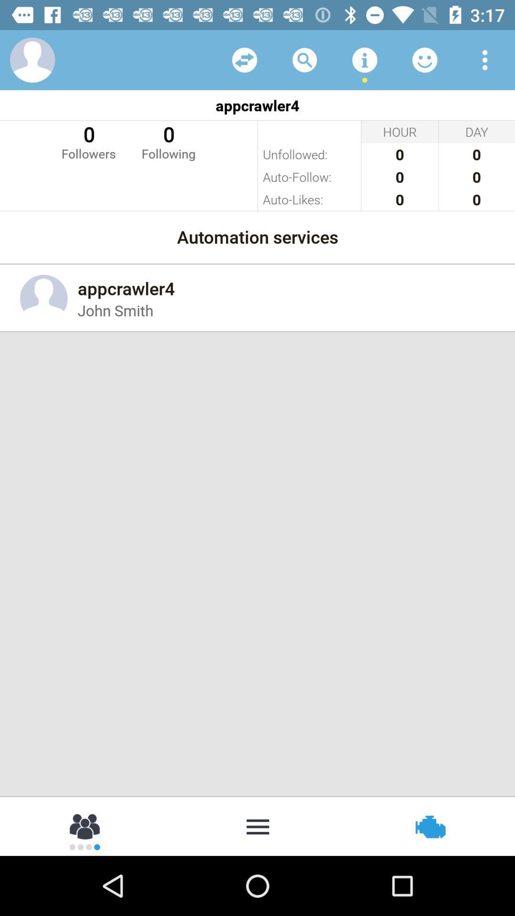 This screenshot has width=515, height=916. What do you see at coordinates (244, 59) in the screenshot?
I see `etc` at bounding box center [244, 59].